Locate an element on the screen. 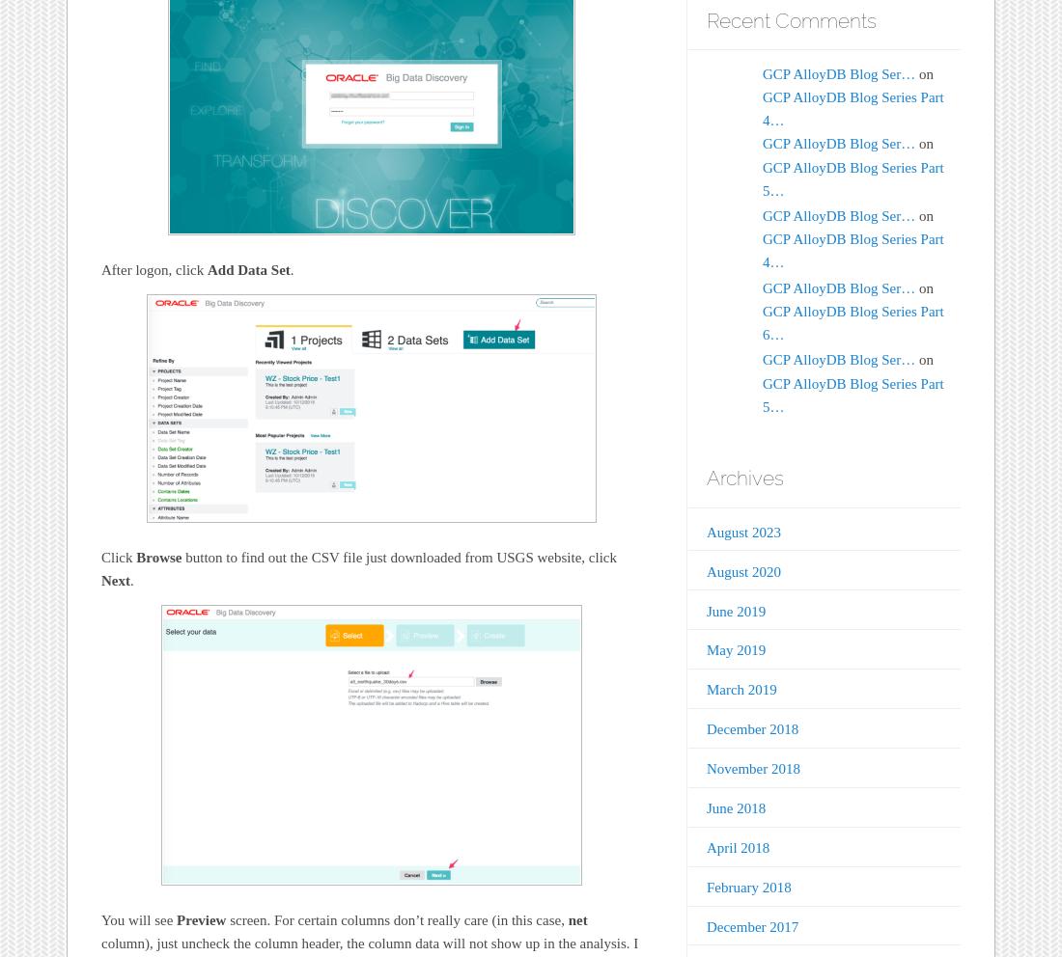 The width and height of the screenshot is (1062, 957). 'Recent Comments' is located at coordinates (790, 18).